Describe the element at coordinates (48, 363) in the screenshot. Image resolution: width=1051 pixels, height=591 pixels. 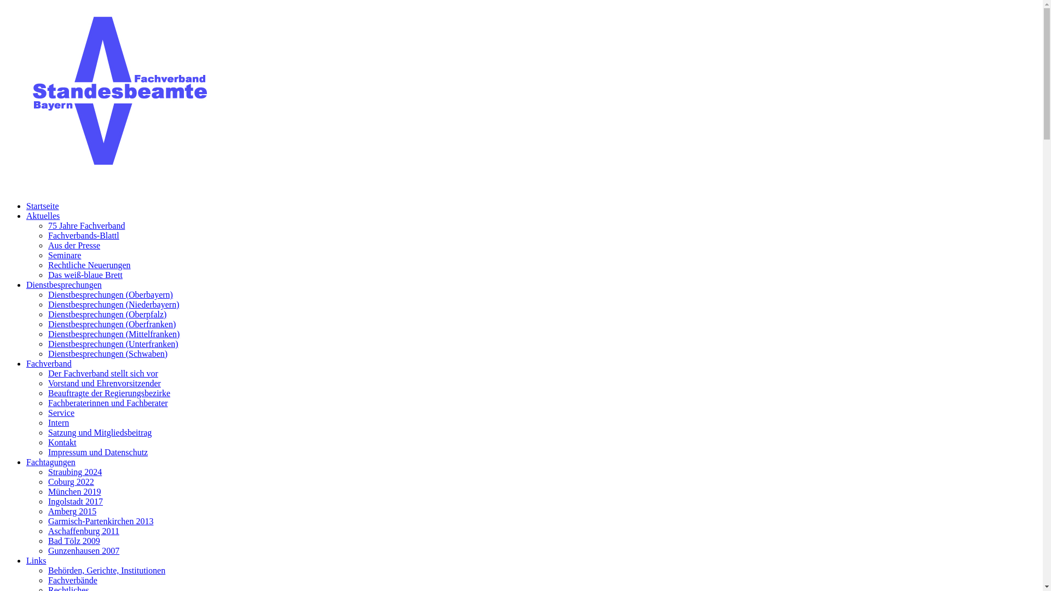
I see `'Fachverband'` at that location.